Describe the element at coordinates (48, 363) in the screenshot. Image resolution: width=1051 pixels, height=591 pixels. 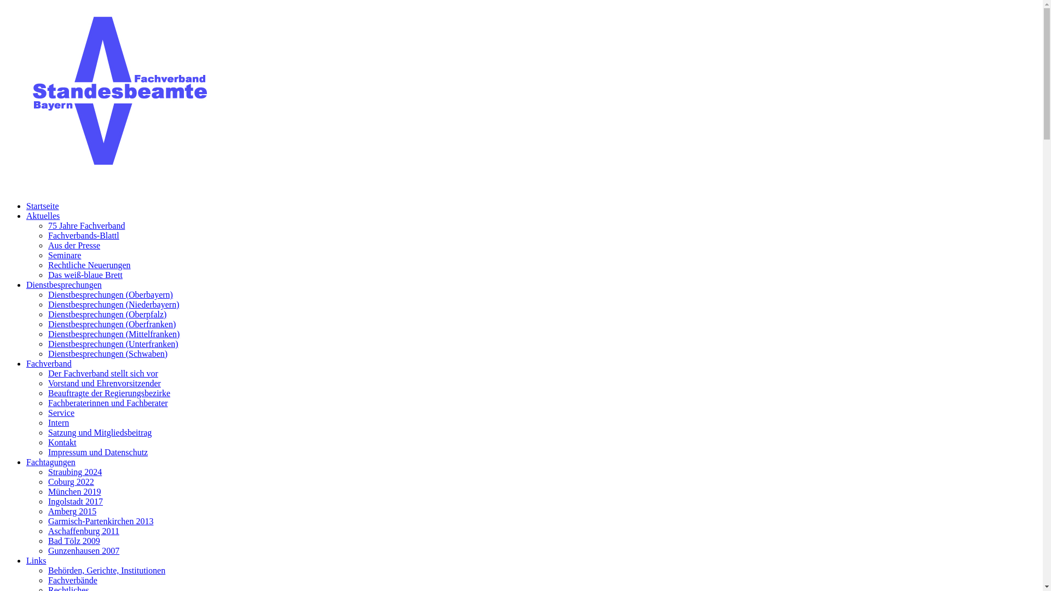
I see `'Fachverband'` at that location.